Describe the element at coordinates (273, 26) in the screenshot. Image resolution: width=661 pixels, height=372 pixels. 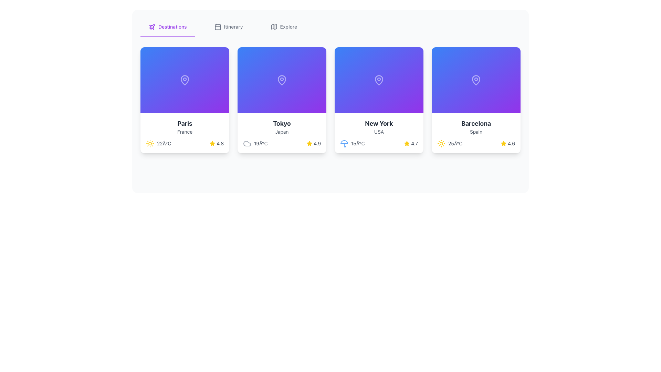
I see `the map-like icon located in the navigation bar under the 'Explore' label` at that location.